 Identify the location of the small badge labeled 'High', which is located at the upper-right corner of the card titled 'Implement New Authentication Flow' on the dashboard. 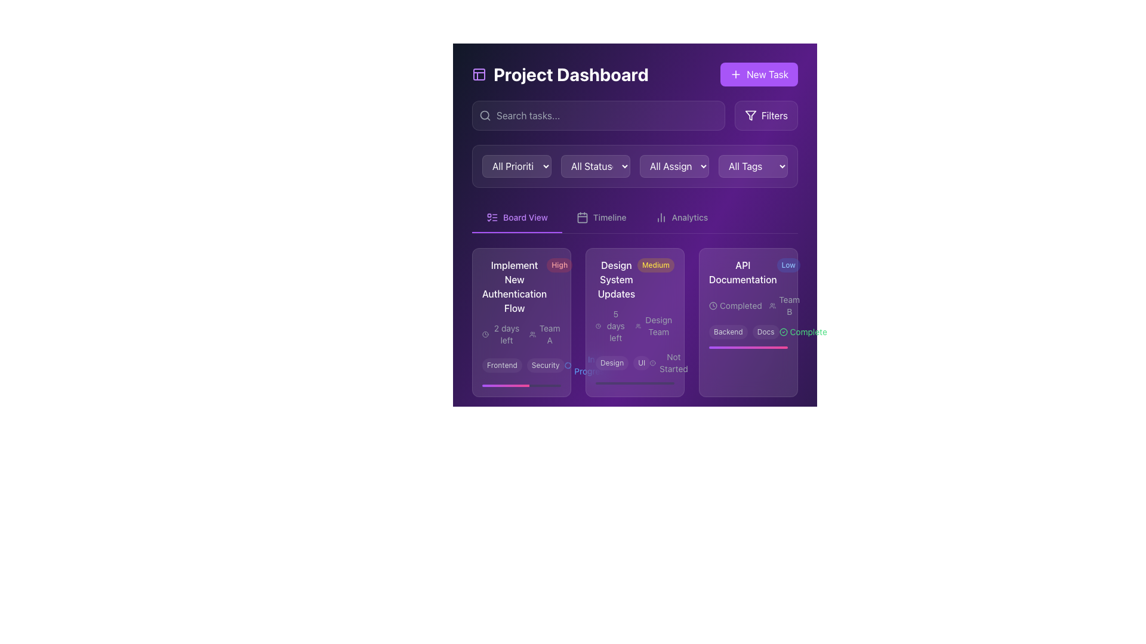
(559, 264).